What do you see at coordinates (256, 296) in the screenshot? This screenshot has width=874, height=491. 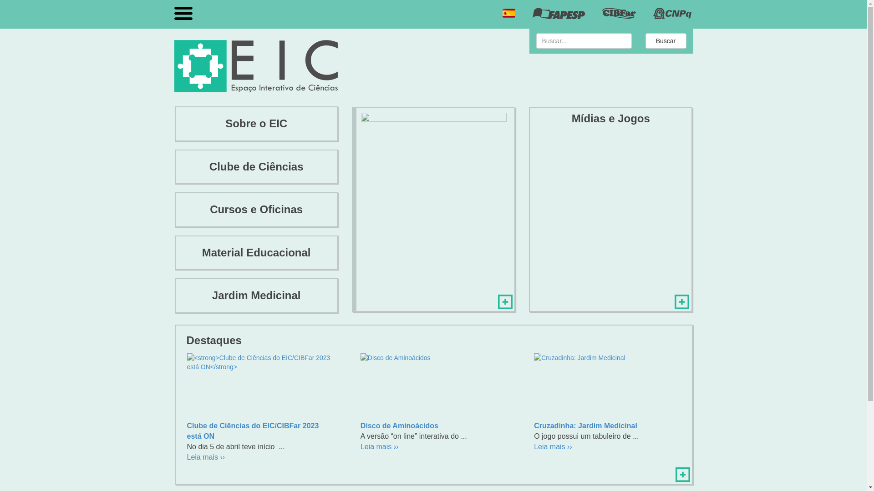 I see `'Jardim Medicinal'` at bounding box center [256, 296].